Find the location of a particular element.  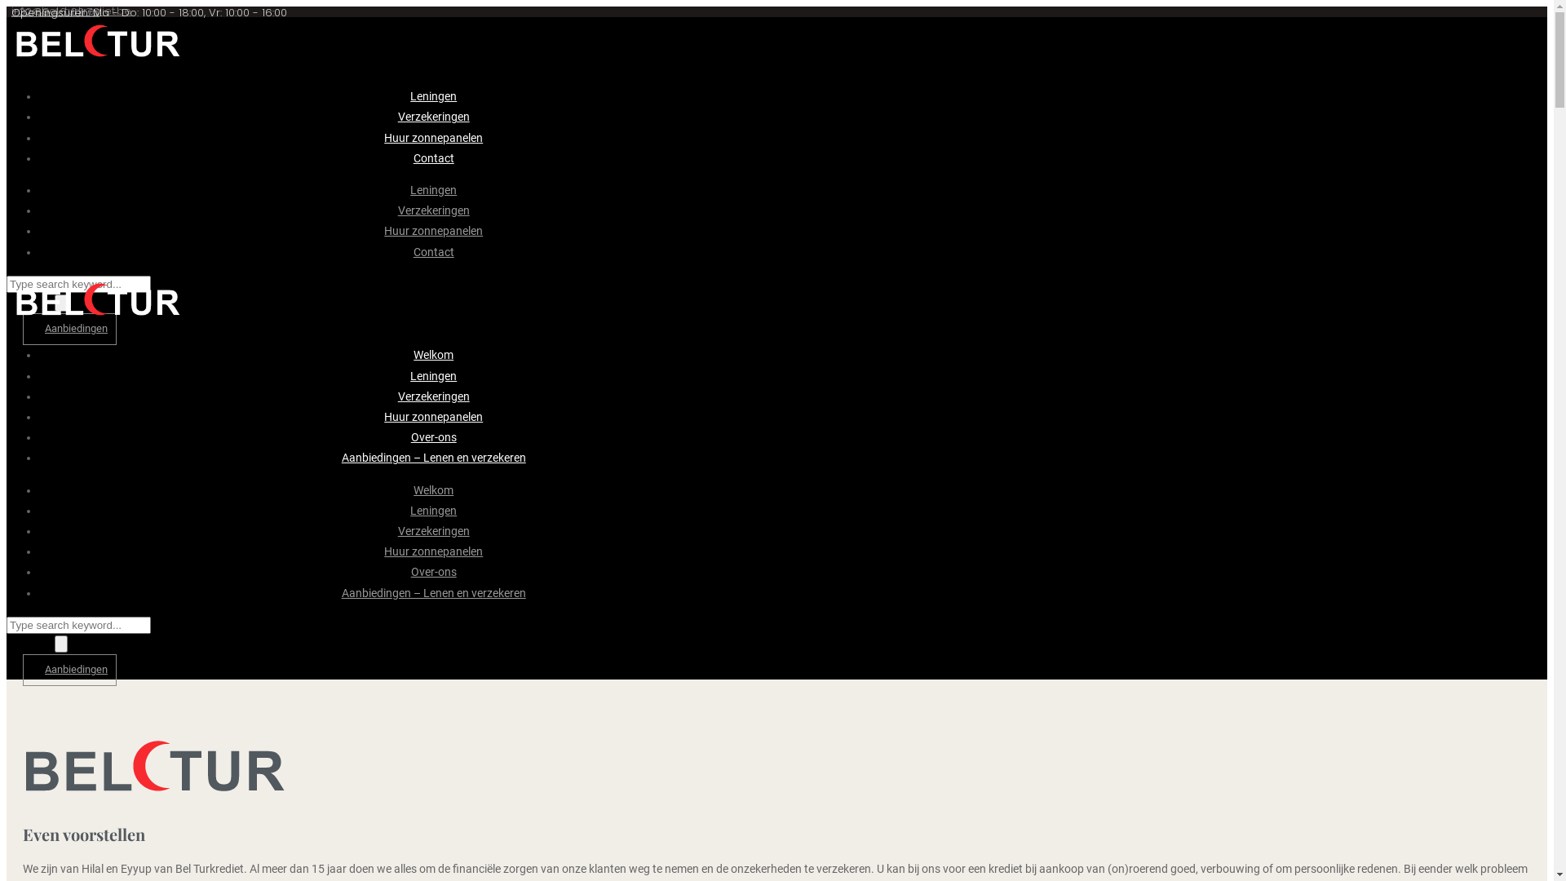

'Aanbiedingen' is located at coordinates (69, 329).